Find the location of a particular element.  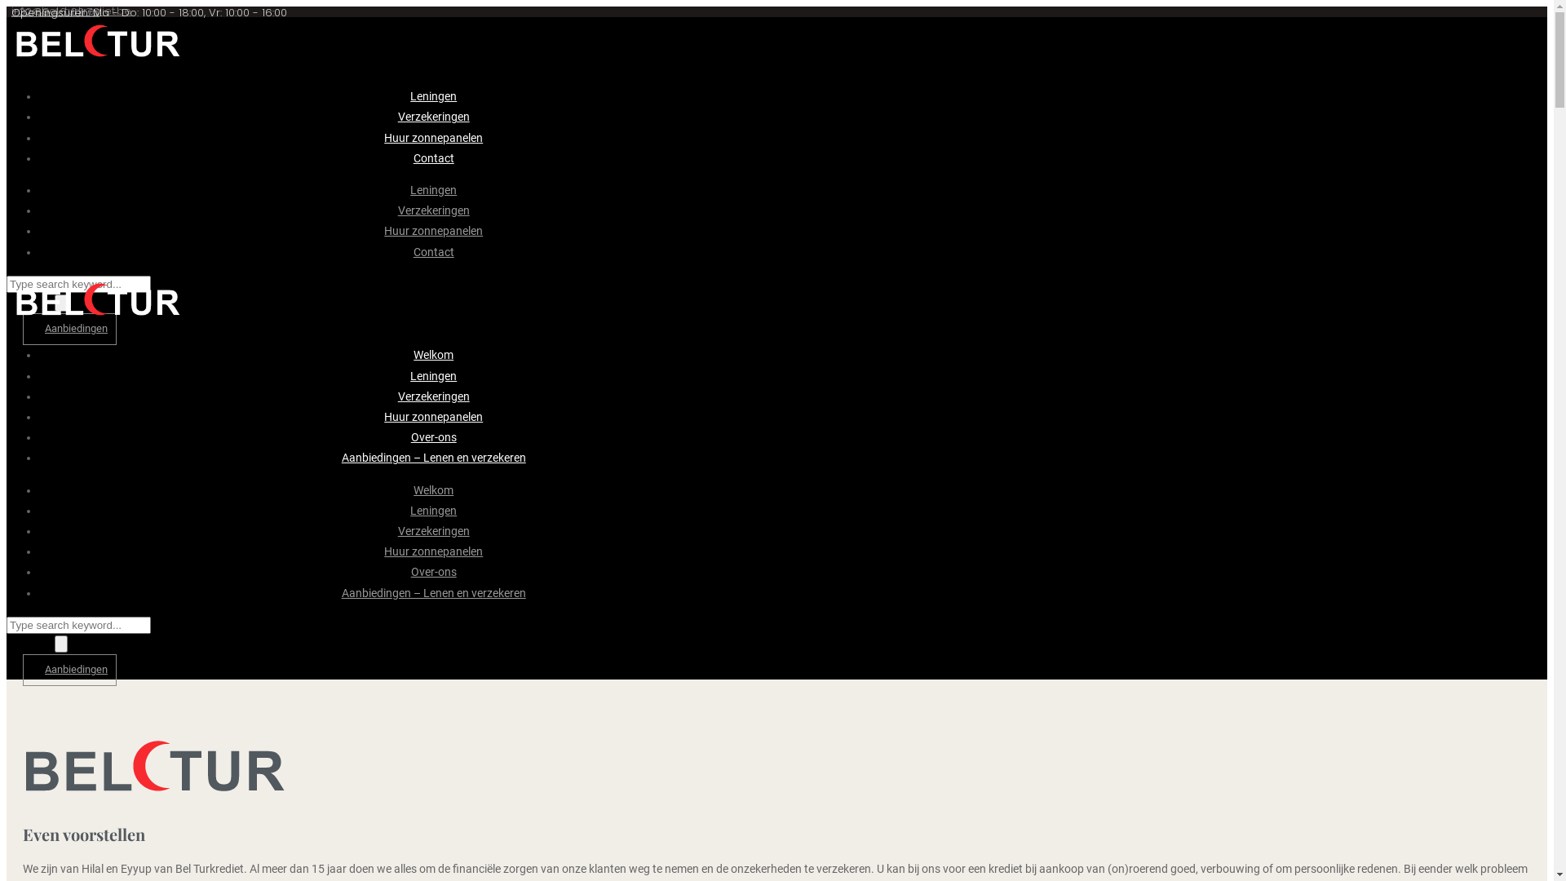

'Aanbiedingen' is located at coordinates (69, 329).